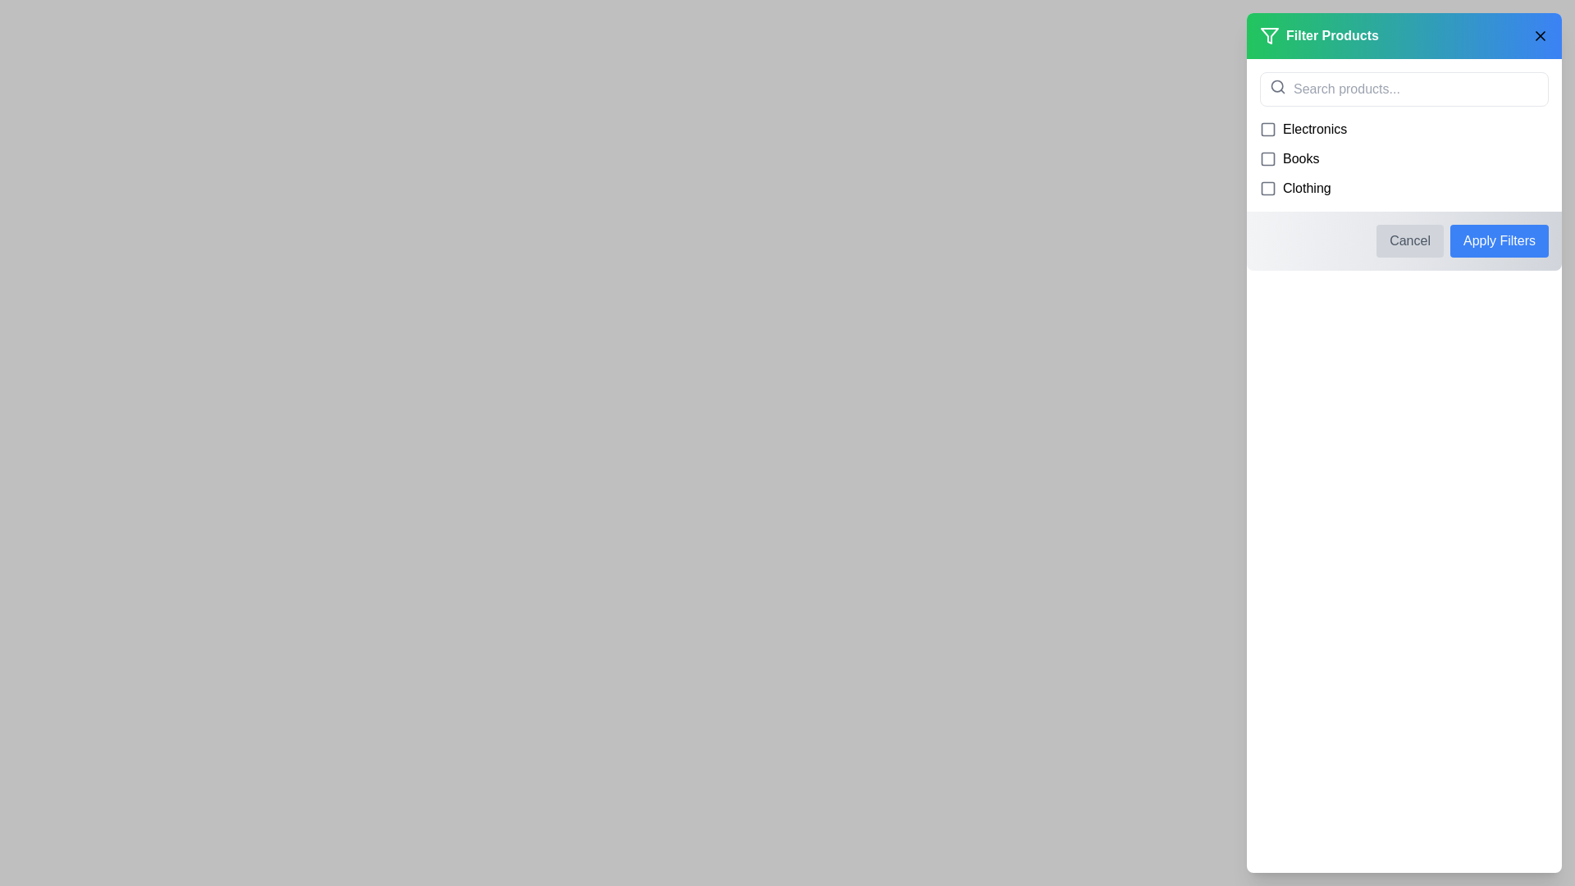 The image size is (1575, 886). What do you see at coordinates (1300, 158) in the screenshot?
I see `the Text Label for the filter option in the 'Filter Products' popup, which is located below 'Electronics' and above 'Clothing'` at bounding box center [1300, 158].